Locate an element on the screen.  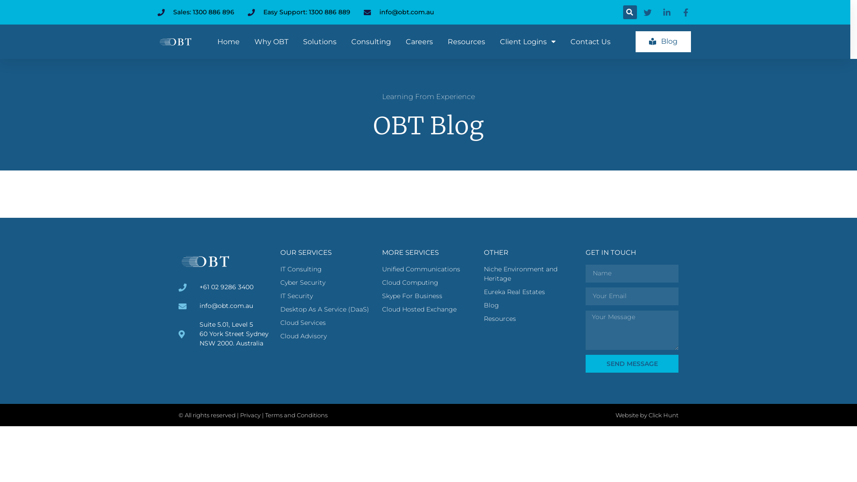
'Cloud Advisory' is located at coordinates (326, 336).